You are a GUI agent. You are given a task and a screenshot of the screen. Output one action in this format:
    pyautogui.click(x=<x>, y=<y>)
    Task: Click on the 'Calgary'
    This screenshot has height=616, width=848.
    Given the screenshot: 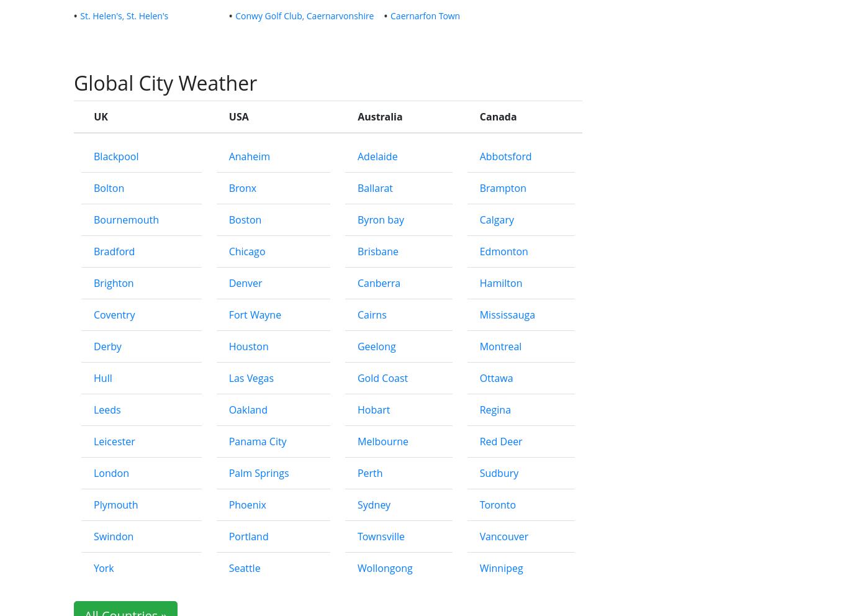 What is the action you would take?
    pyautogui.click(x=495, y=218)
    